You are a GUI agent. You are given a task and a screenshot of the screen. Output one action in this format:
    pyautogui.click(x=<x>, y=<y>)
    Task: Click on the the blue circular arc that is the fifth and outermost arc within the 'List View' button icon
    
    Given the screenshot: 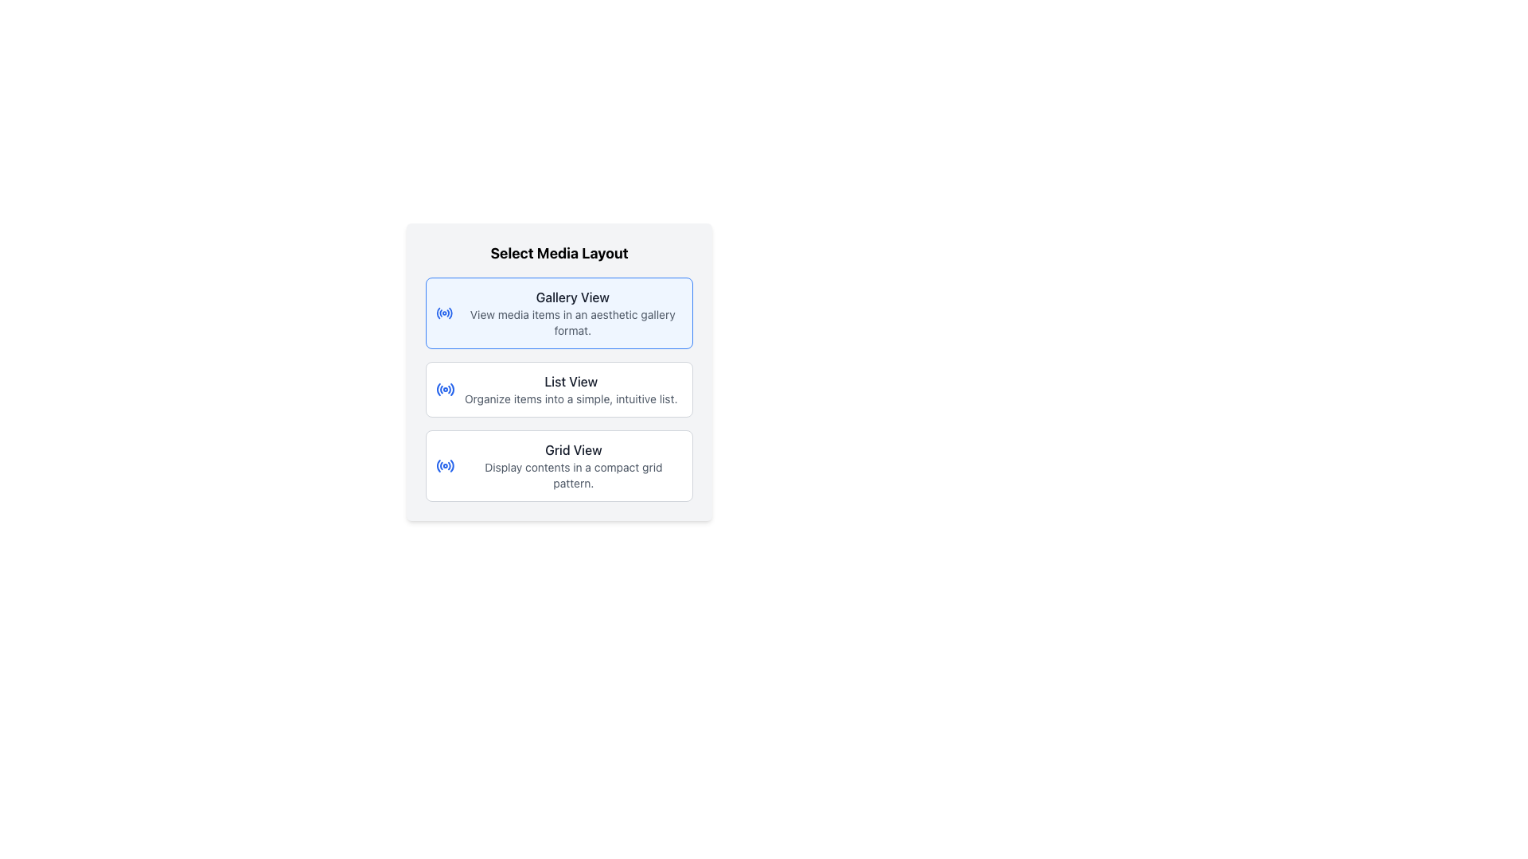 What is the action you would take?
    pyautogui.click(x=451, y=389)
    